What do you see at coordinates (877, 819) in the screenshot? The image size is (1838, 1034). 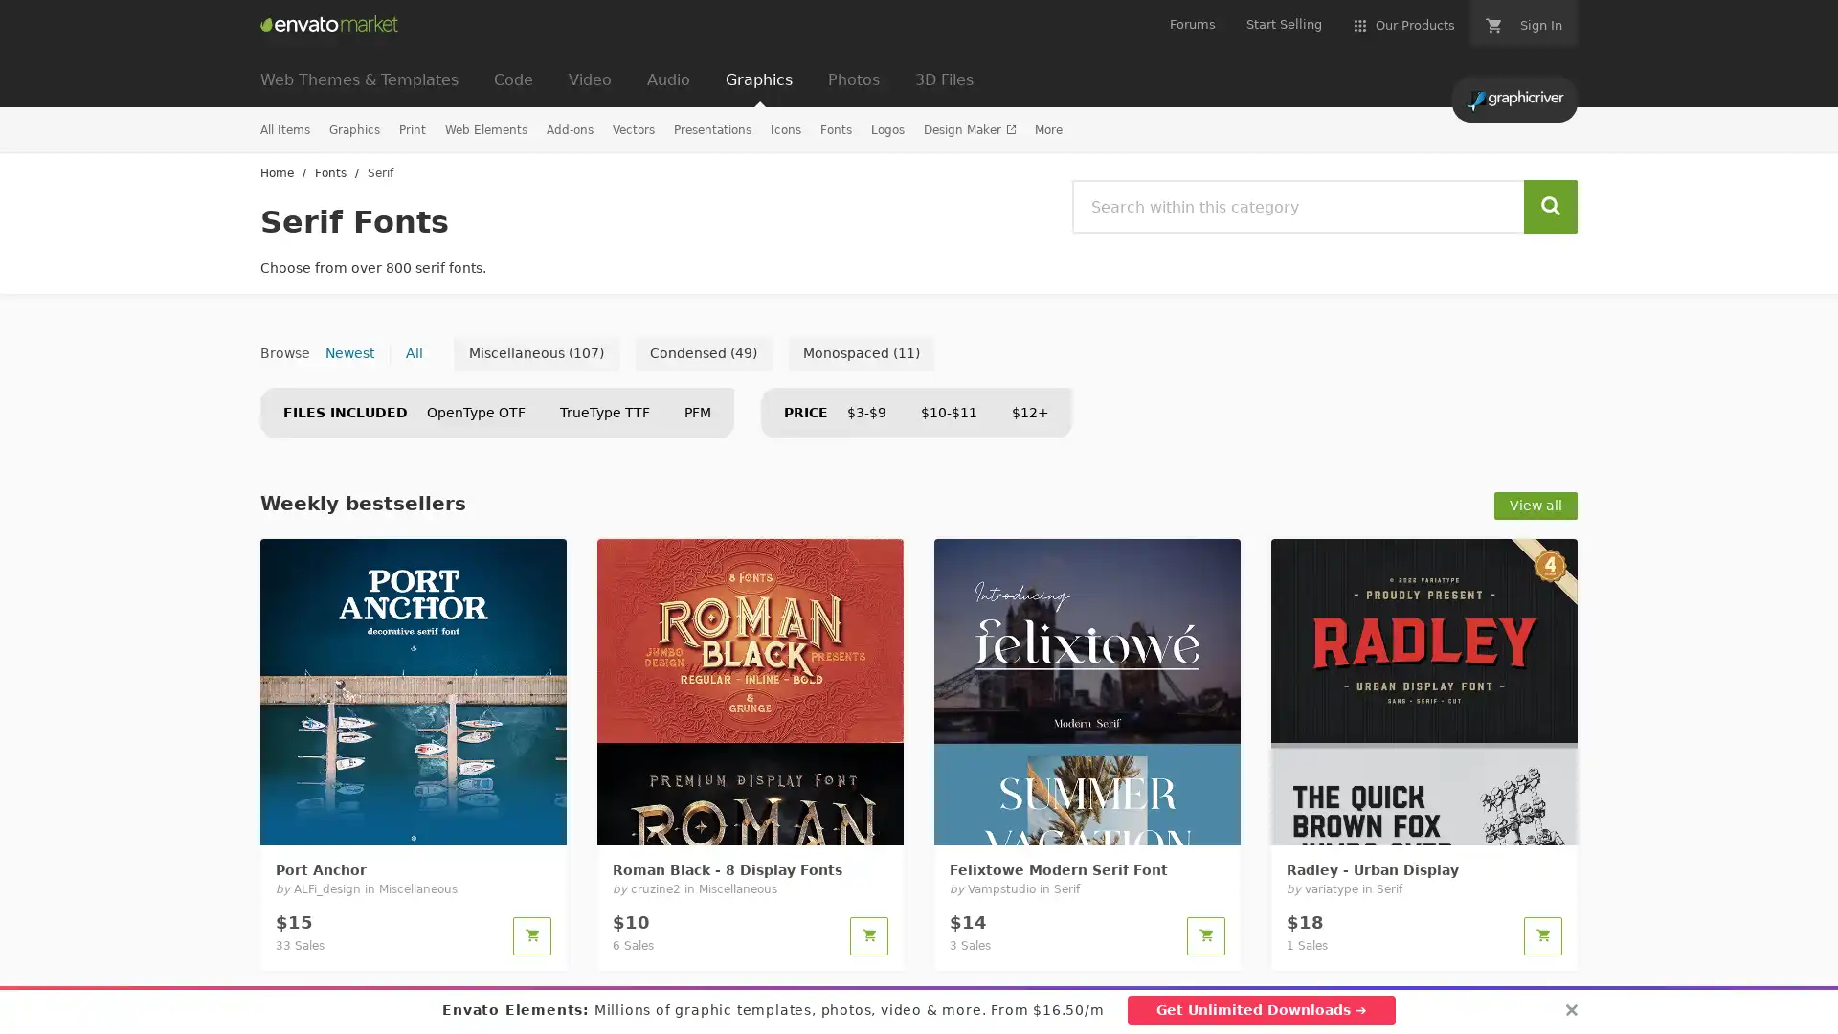 I see `Add to Favorites` at bounding box center [877, 819].